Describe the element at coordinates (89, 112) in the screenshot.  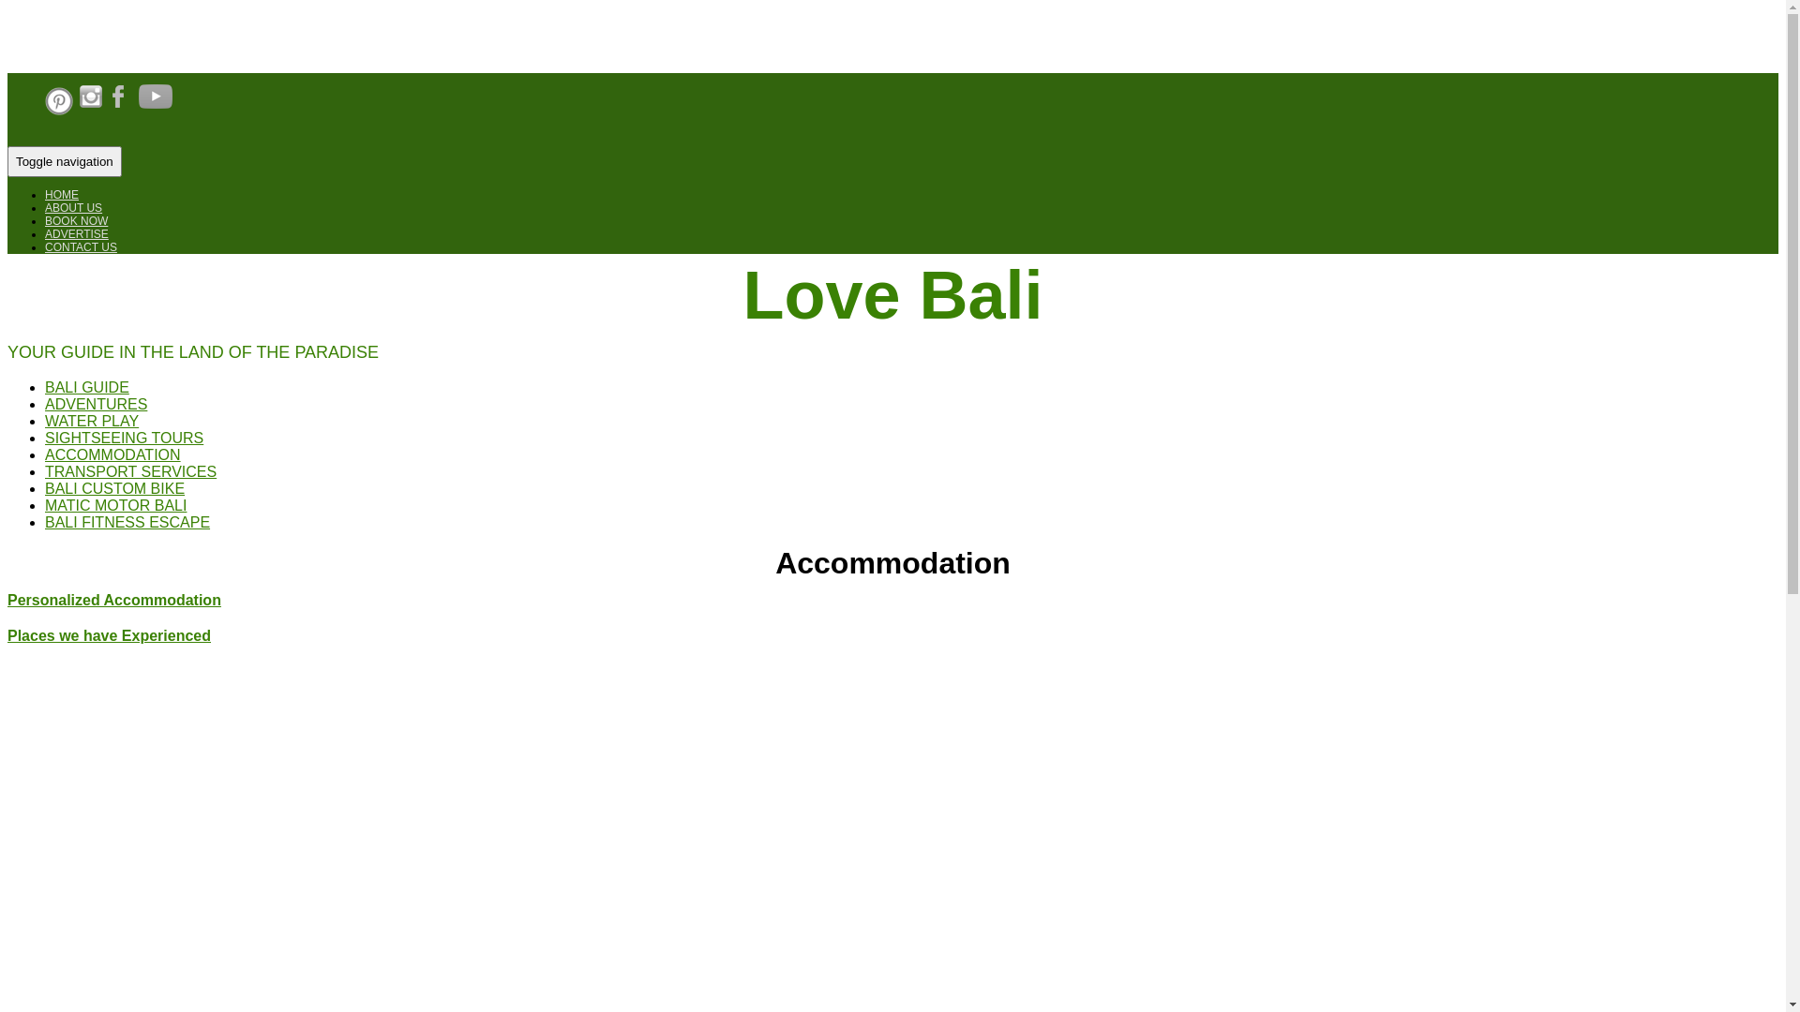
I see `'Open Instagram'` at that location.